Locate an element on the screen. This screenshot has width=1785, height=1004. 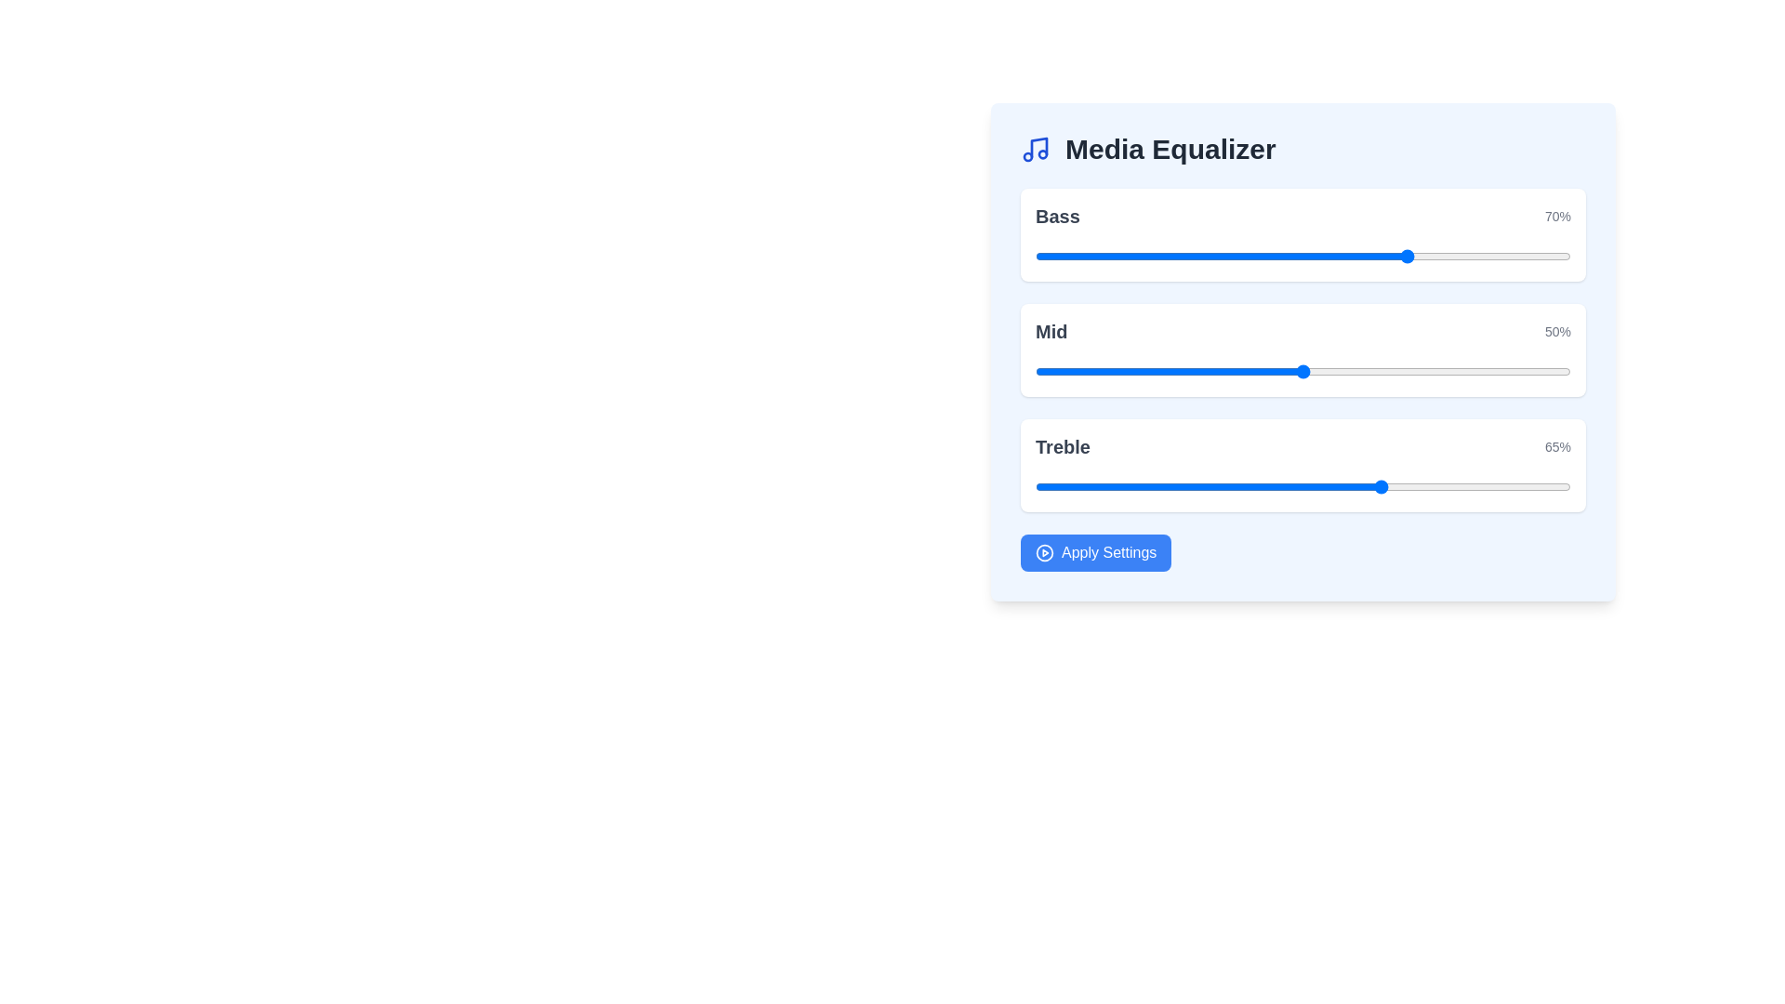
the slider is located at coordinates (1334, 372).